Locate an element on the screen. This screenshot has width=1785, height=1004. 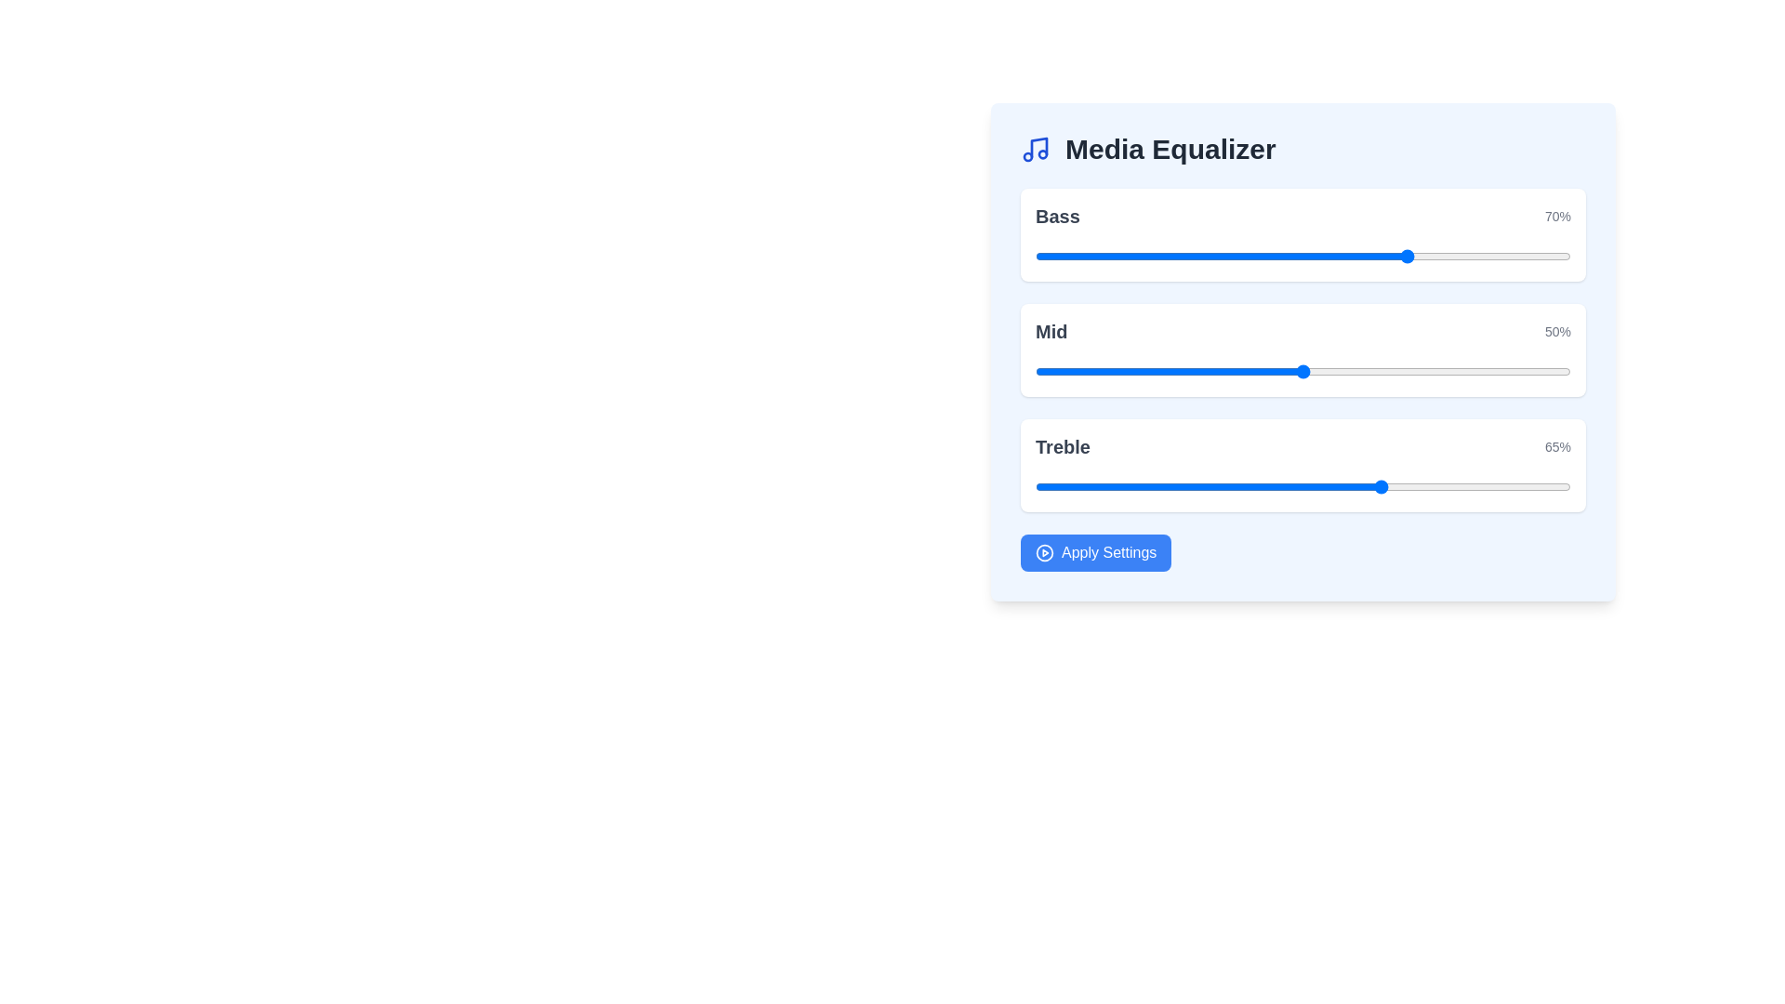
the slider is located at coordinates (1334, 372).